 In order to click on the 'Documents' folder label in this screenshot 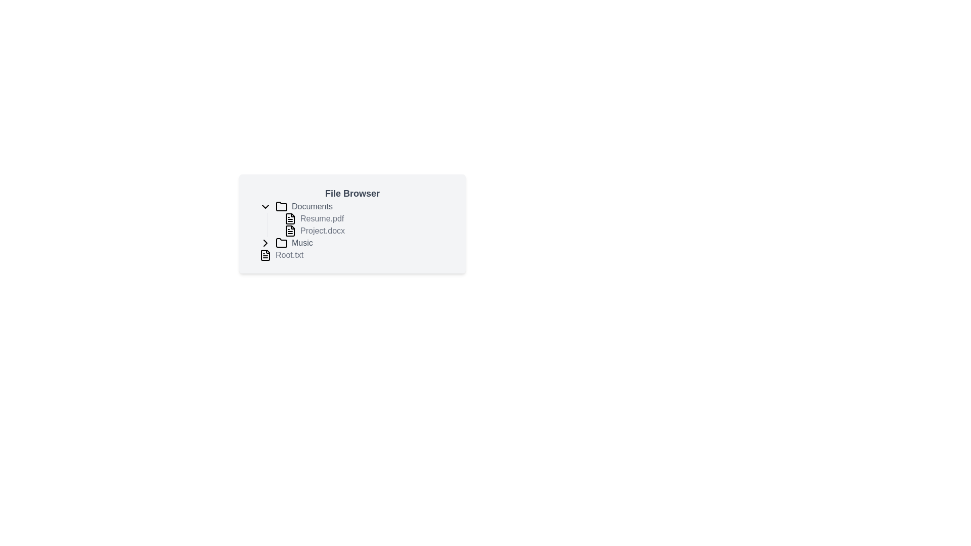, I will do `click(295, 206)`.